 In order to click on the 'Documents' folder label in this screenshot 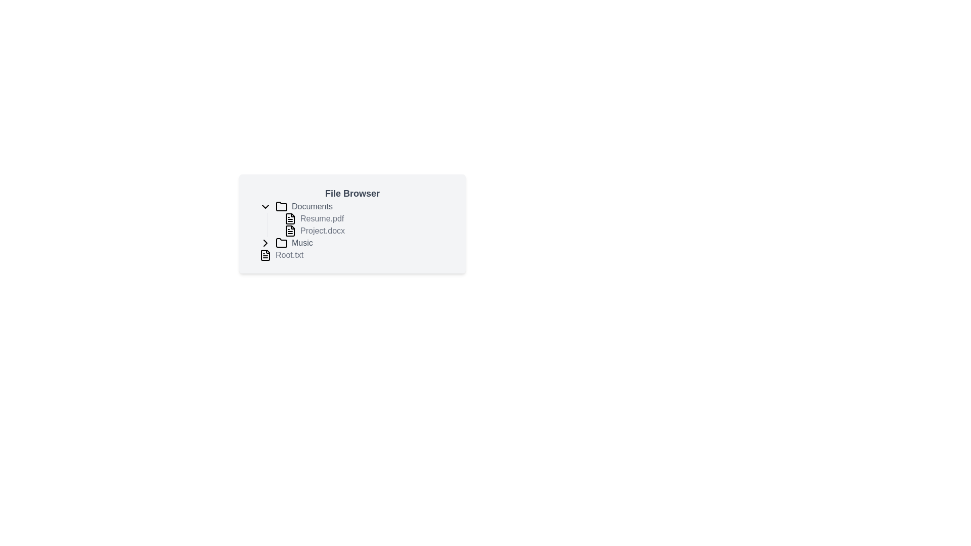, I will do `click(295, 206)`.